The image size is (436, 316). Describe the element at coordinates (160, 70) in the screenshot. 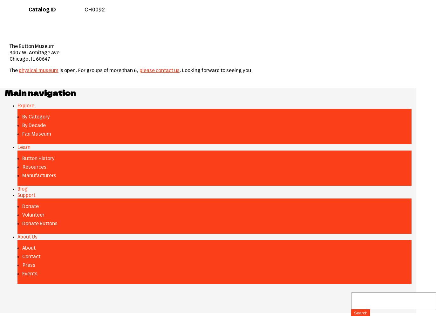

I see `'please contact us'` at that location.